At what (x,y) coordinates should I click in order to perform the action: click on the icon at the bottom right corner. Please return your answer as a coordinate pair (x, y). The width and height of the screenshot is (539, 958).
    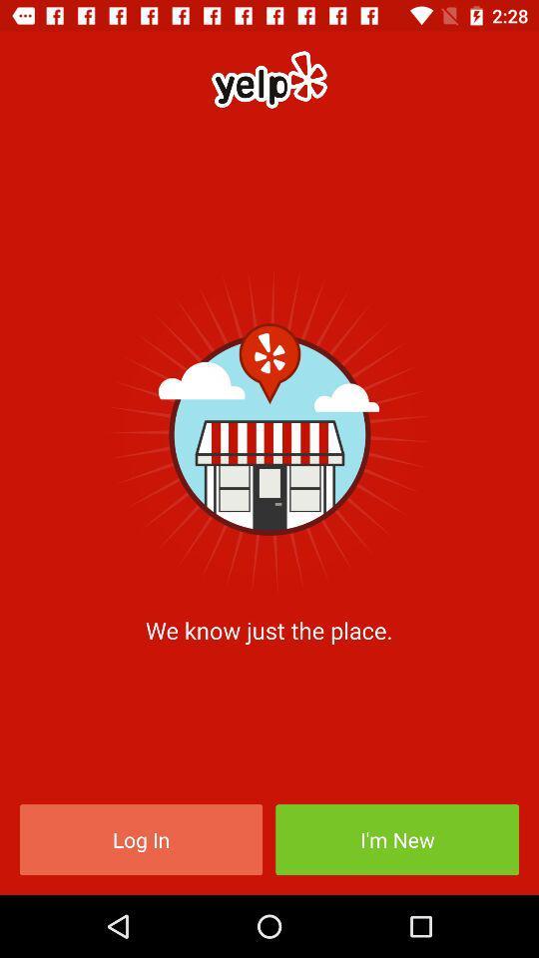
    Looking at the image, I should click on (397, 838).